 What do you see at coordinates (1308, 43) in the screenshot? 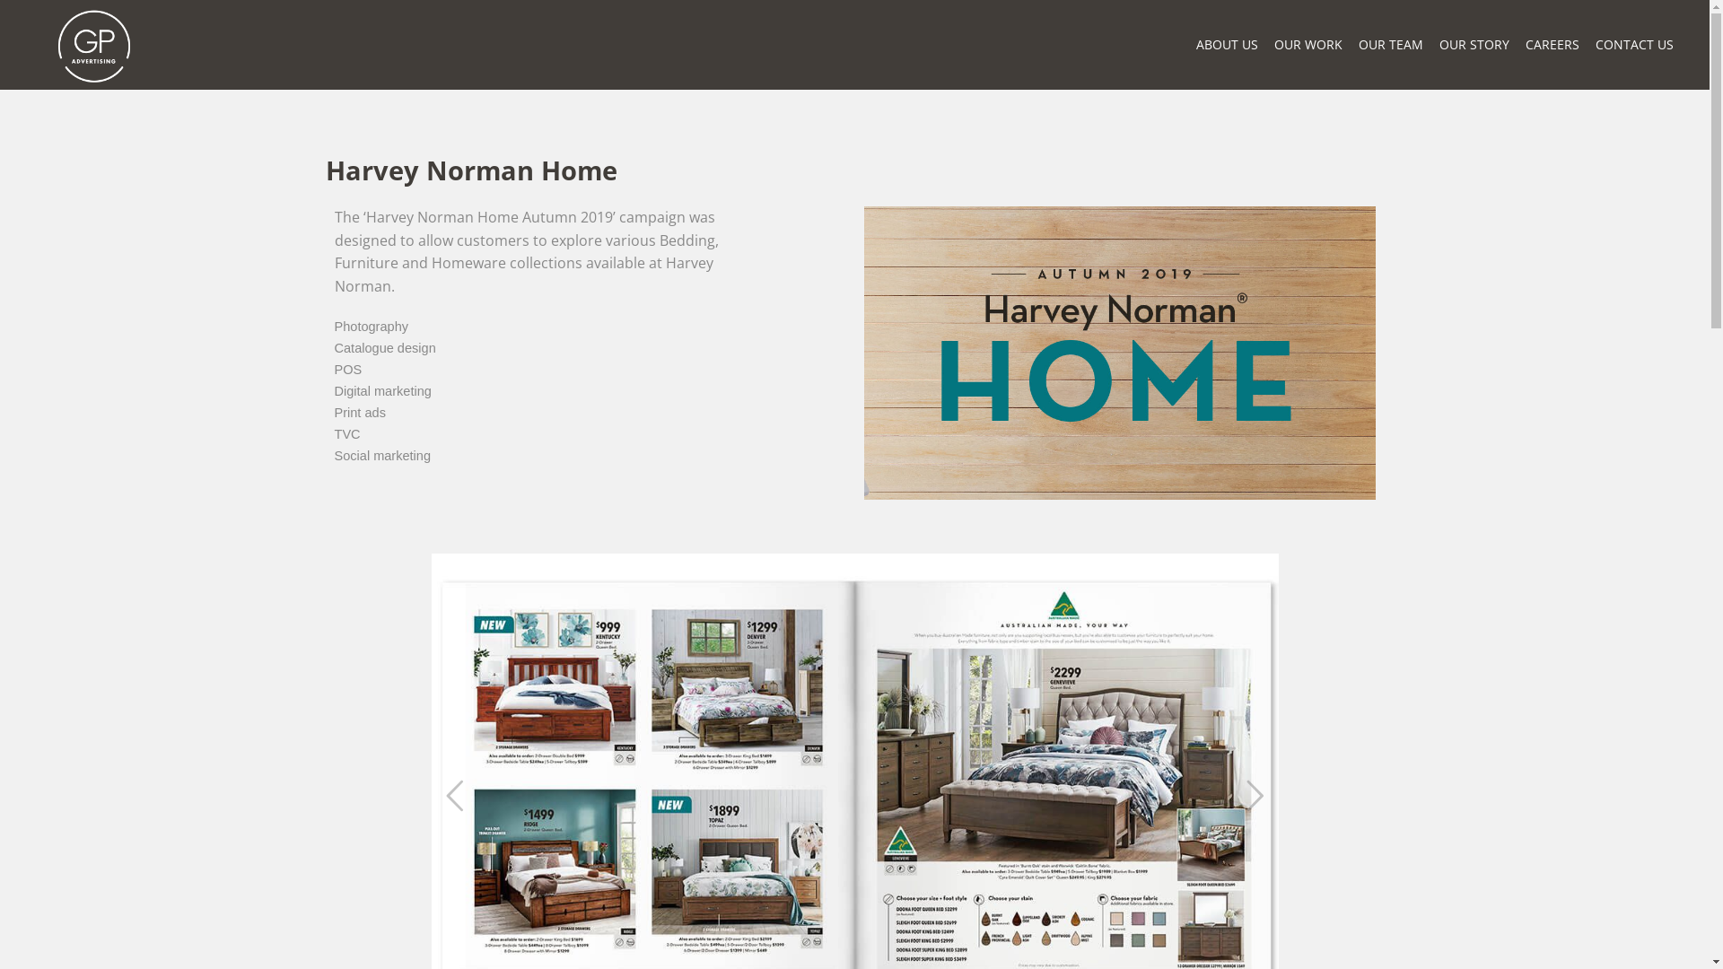
I see `'OUR WORK'` at bounding box center [1308, 43].